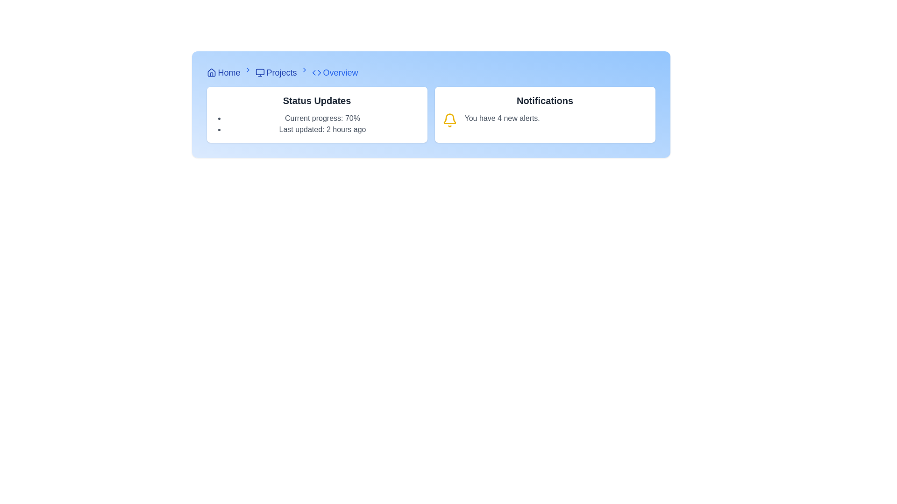  What do you see at coordinates (449, 120) in the screenshot?
I see `the style and purpose of the notifications icon positioned to the left of the text 'You have 4 new alerts' in the 'Notifications' card` at bounding box center [449, 120].